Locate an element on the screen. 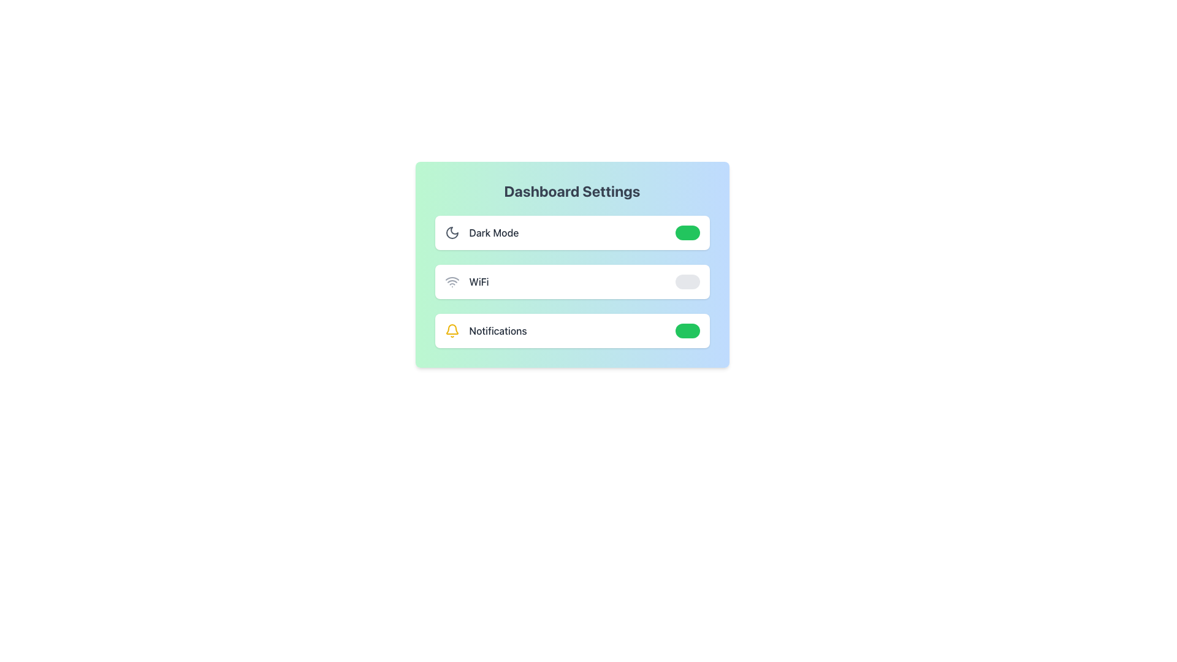 This screenshot has width=1177, height=662. text of the 'Notifications' label which indicates the toggle for notification preferences is located at coordinates (485, 331).